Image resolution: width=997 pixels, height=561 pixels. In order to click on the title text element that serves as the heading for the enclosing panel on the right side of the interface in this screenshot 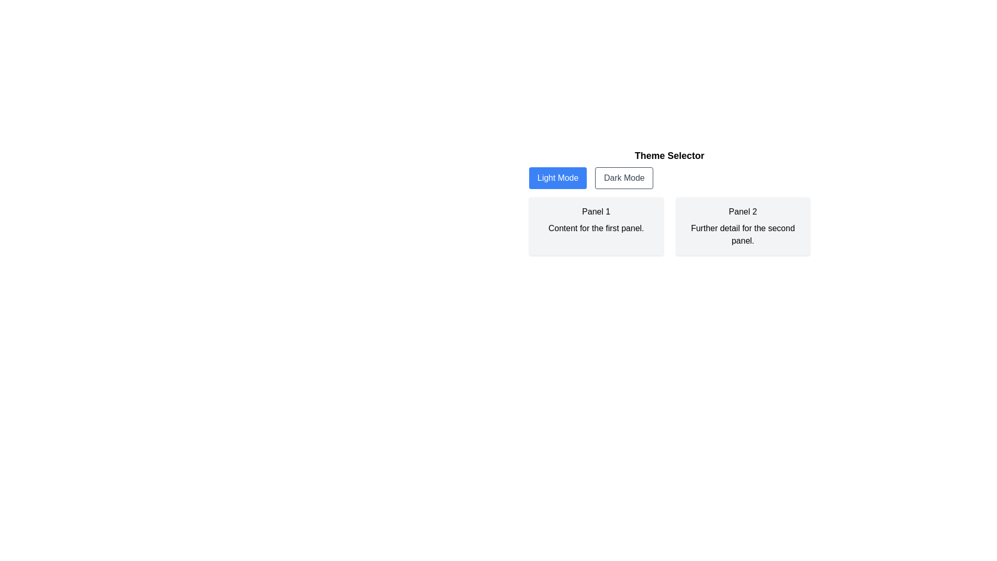, I will do `click(742, 211)`.